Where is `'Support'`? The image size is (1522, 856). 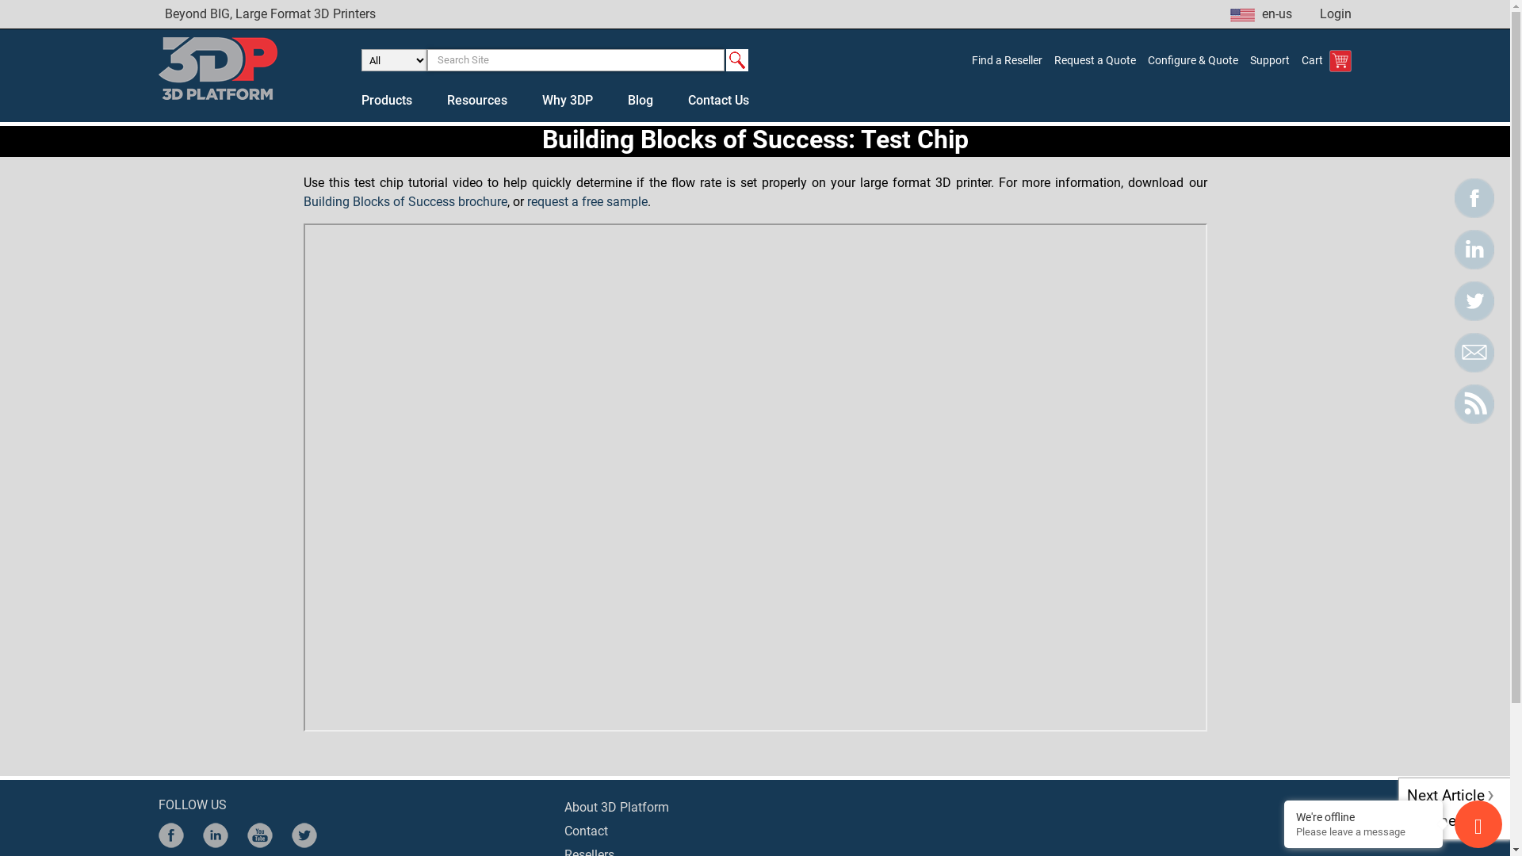 'Support' is located at coordinates (1270, 59).